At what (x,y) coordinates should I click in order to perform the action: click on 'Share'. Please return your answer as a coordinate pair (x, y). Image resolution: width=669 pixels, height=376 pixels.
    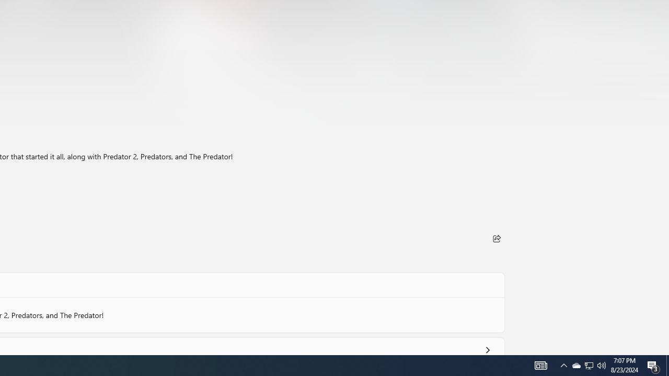
    Looking at the image, I should click on (496, 238).